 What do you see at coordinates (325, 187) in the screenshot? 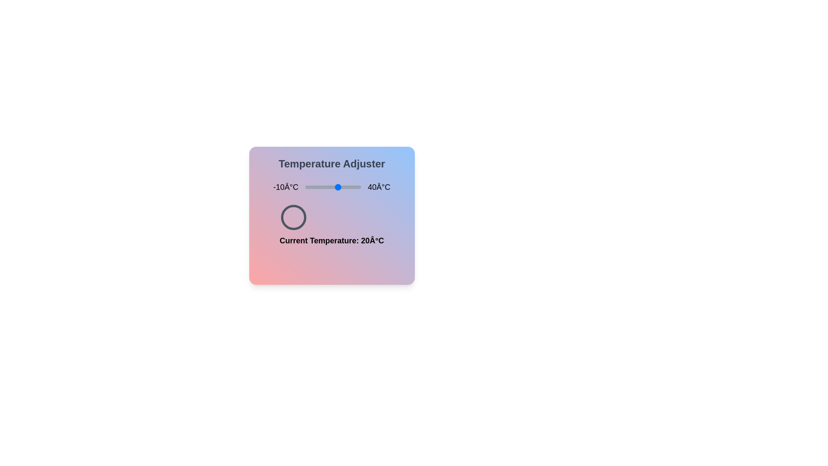
I see `the temperature slider to 8°C` at bounding box center [325, 187].